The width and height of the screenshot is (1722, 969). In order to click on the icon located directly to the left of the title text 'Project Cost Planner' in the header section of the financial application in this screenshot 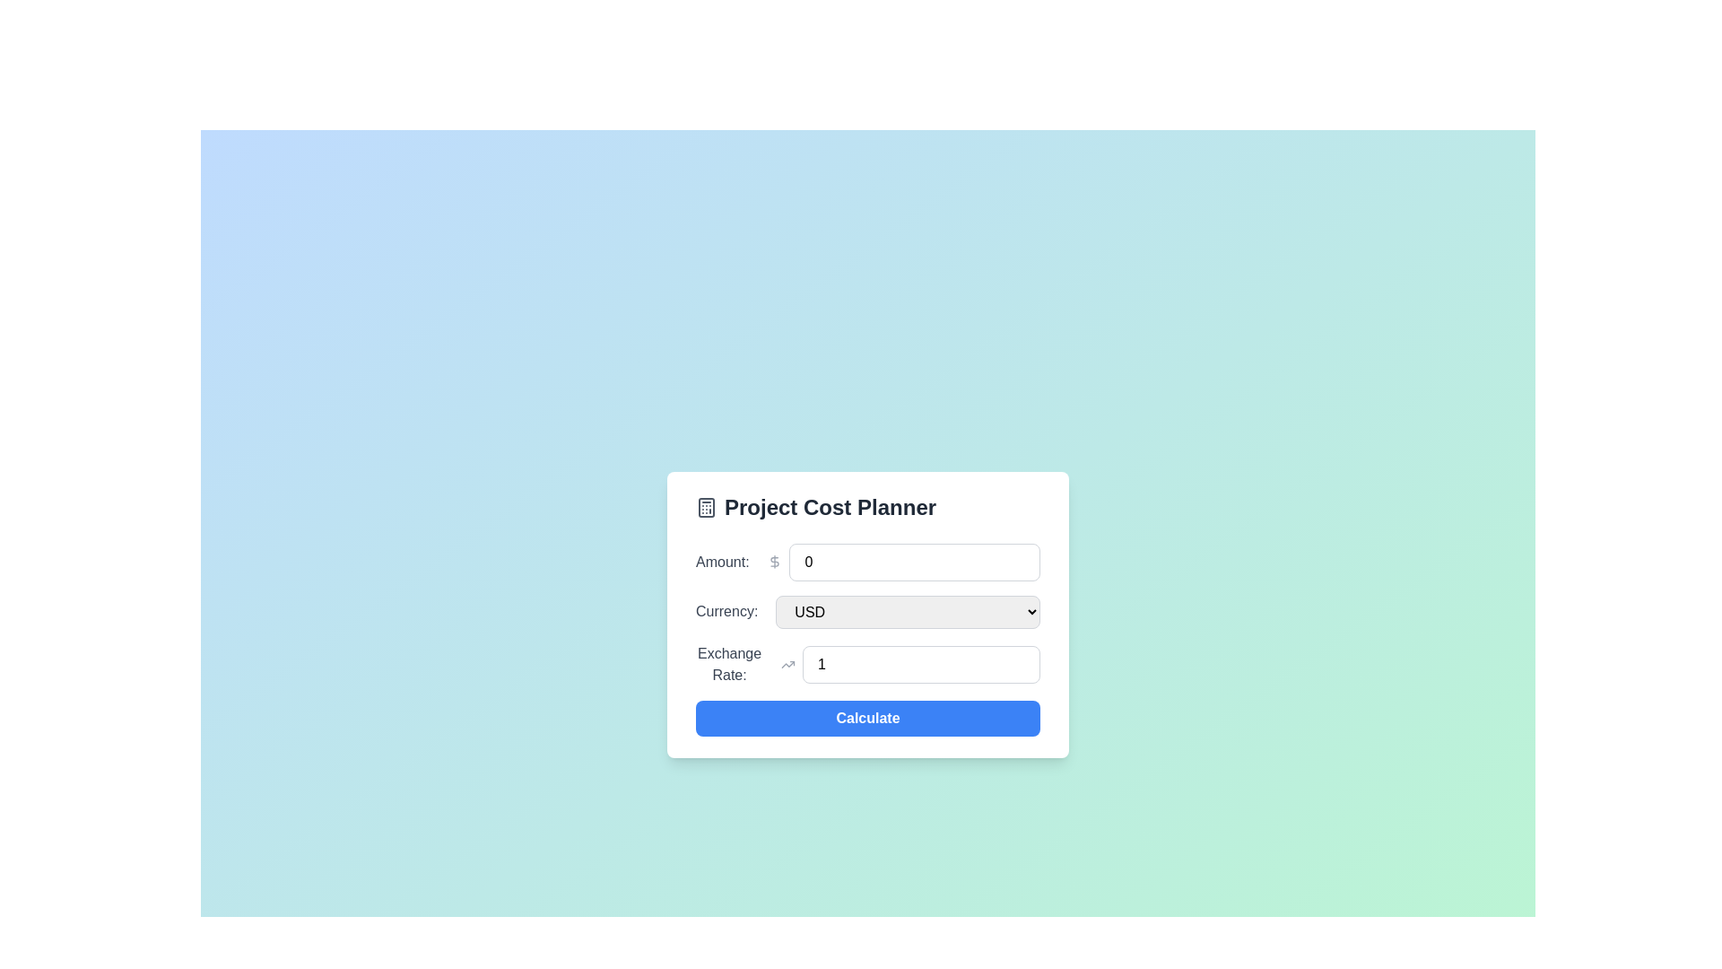, I will do `click(705, 507)`.